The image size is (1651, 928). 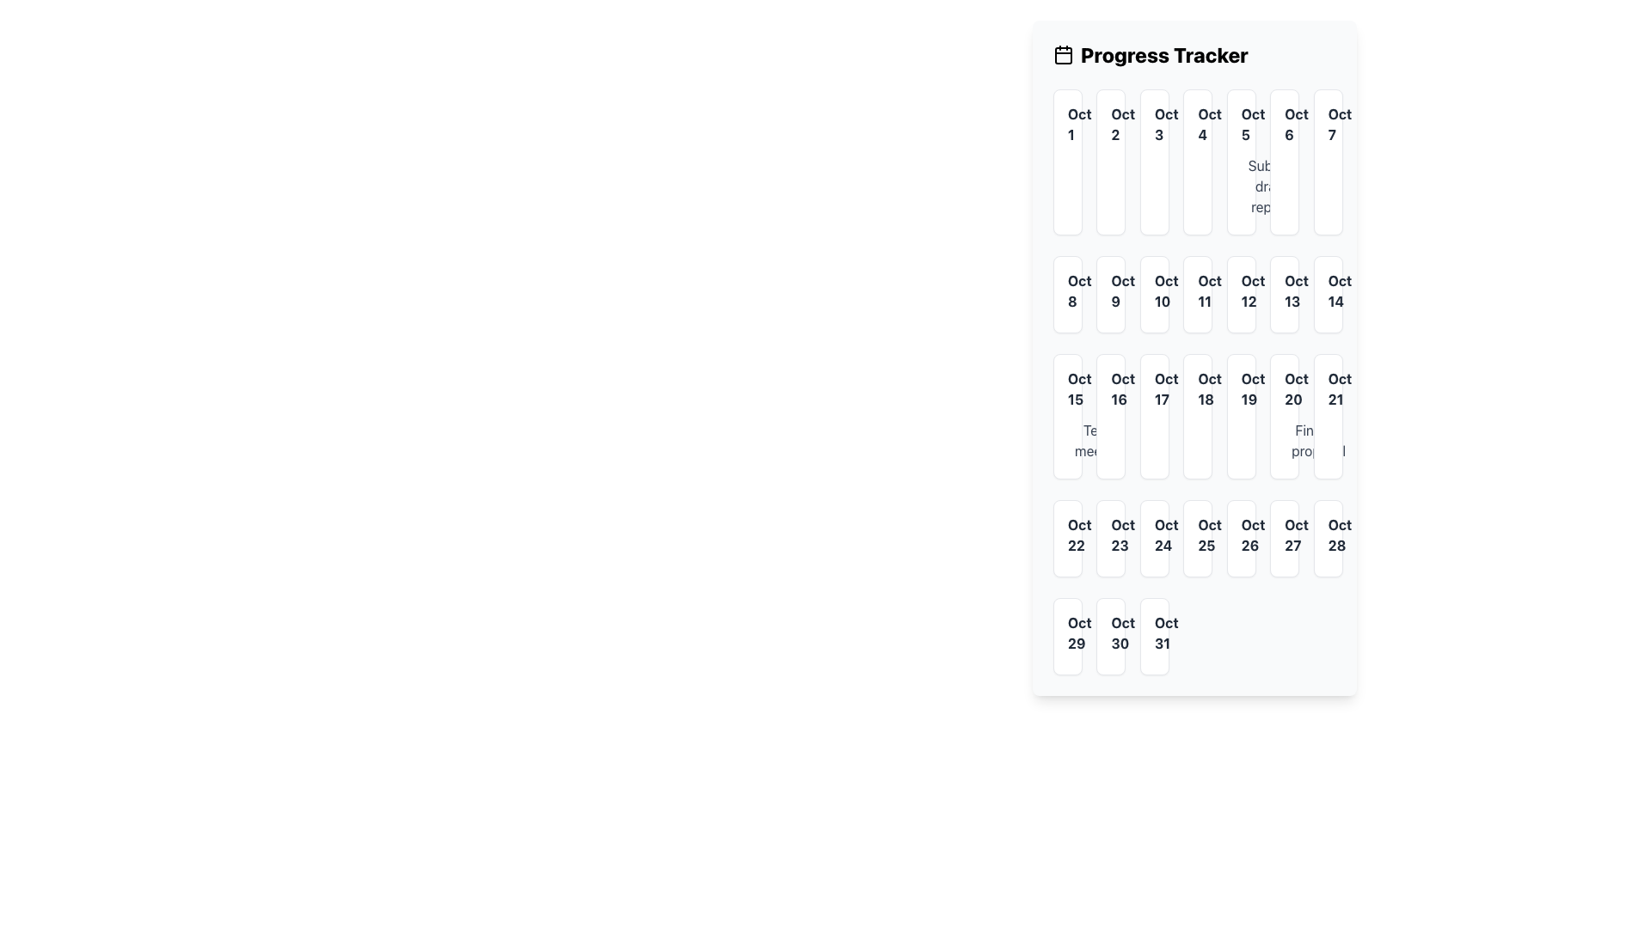 What do you see at coordinates (1197, 417) in the screenshot?
I see `the Calendar Date Cell element displaying 'Oct 18', which is a white box with rounded corners and a gray border, located in the third row and fourth column of the calendar layout` at bounding box center [1197, 417].